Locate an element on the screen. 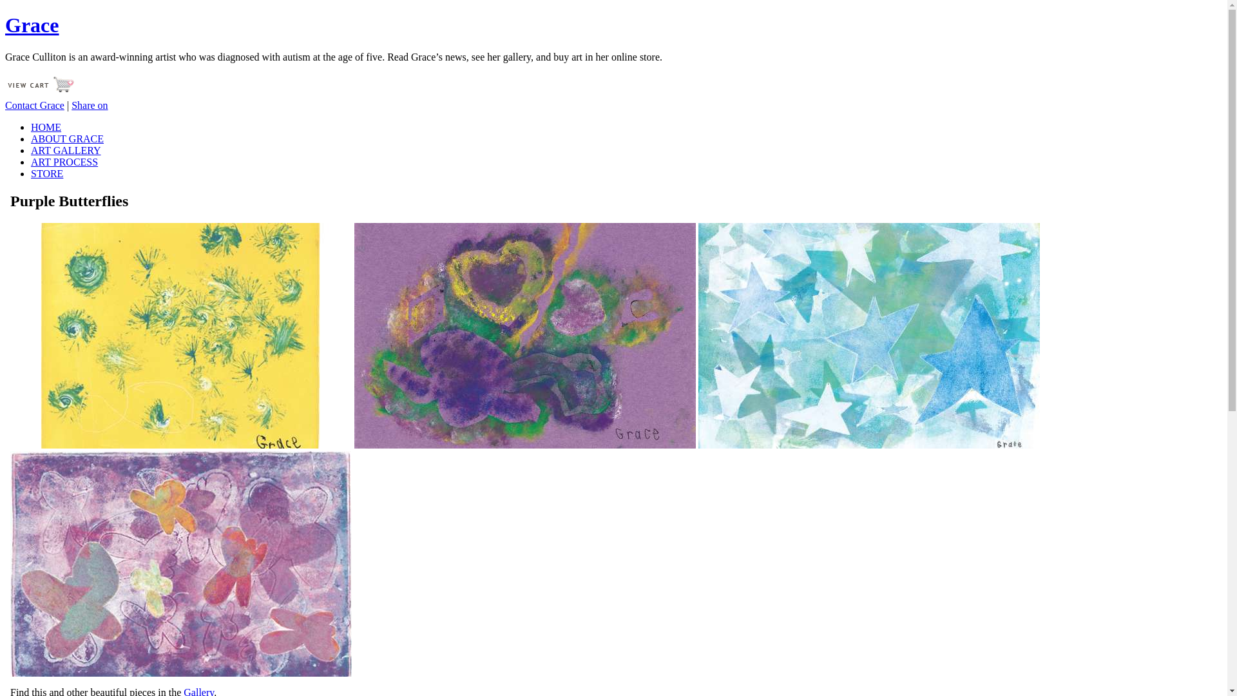  'ART GALLERY' is located at coordinates (31, 150).